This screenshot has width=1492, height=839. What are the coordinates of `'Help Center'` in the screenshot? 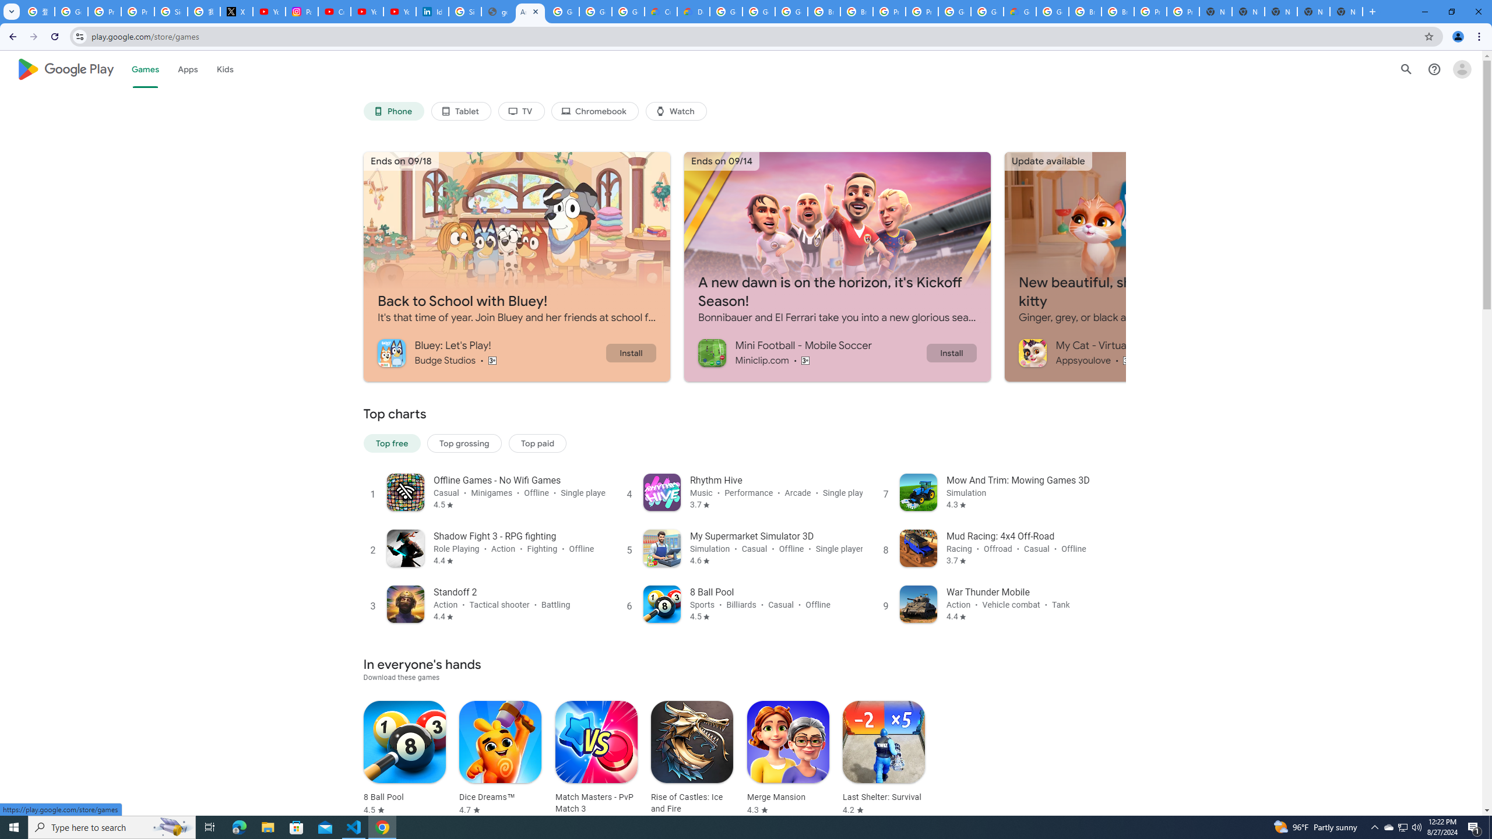 It's located at (1434, 69).